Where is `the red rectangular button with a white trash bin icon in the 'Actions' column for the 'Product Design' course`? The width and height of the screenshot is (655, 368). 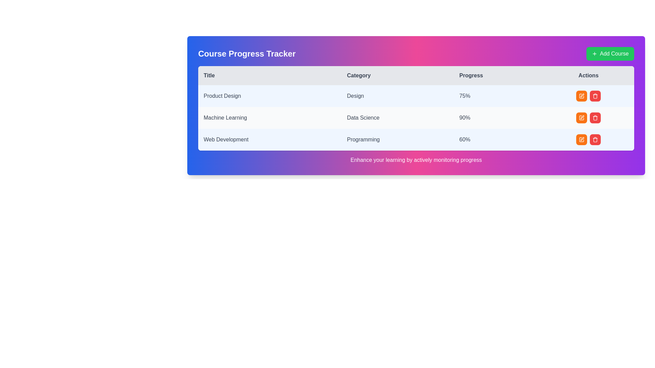
the red rectangular button with a white trash bin icon in the 'Actions' column for the 'Product Design' course is located at coordinates (595, 96).